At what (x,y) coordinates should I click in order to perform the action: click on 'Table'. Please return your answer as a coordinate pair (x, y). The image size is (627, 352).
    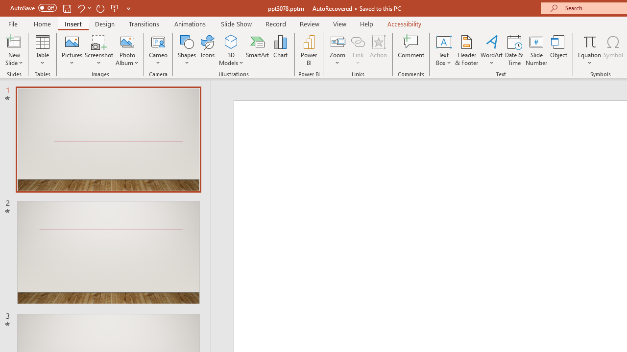
    Looking at the image, I should click on (42, 50).